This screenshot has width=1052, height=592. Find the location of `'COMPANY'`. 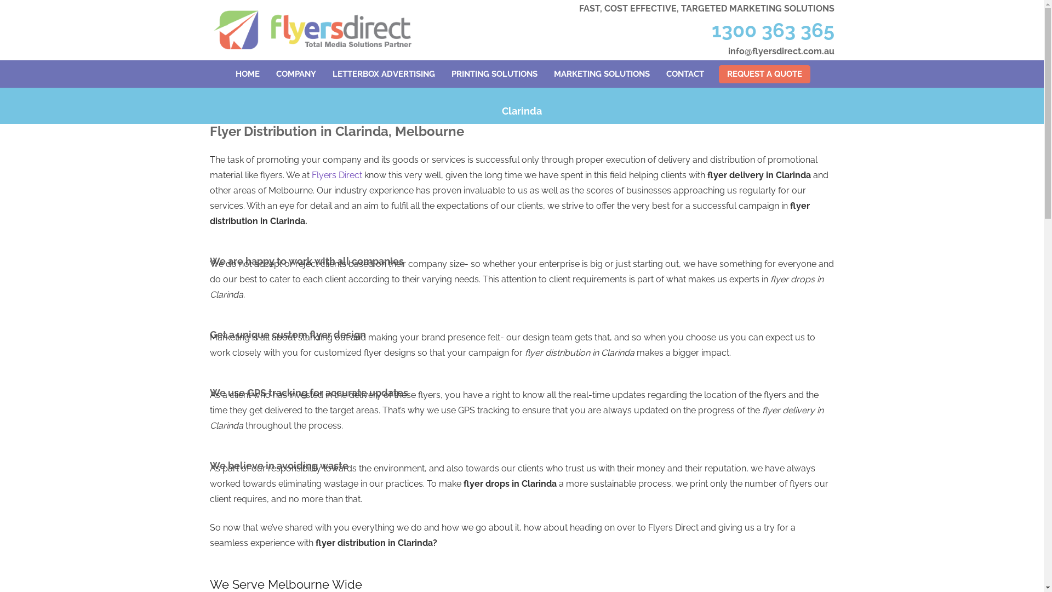

'COMPANY' is located at coordinates (296, 74).